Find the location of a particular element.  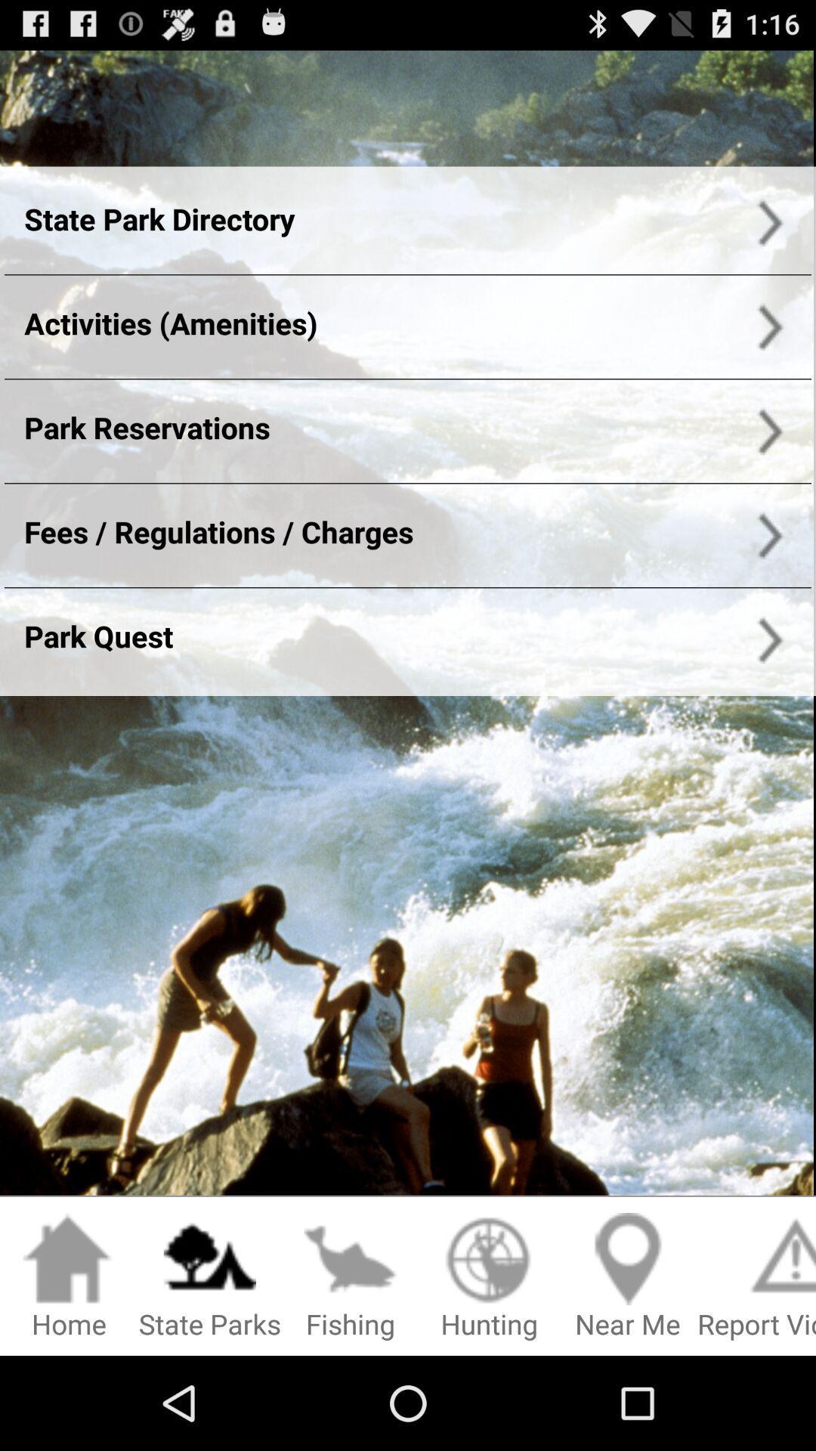

hunting is located at coordinates (490, 1276).